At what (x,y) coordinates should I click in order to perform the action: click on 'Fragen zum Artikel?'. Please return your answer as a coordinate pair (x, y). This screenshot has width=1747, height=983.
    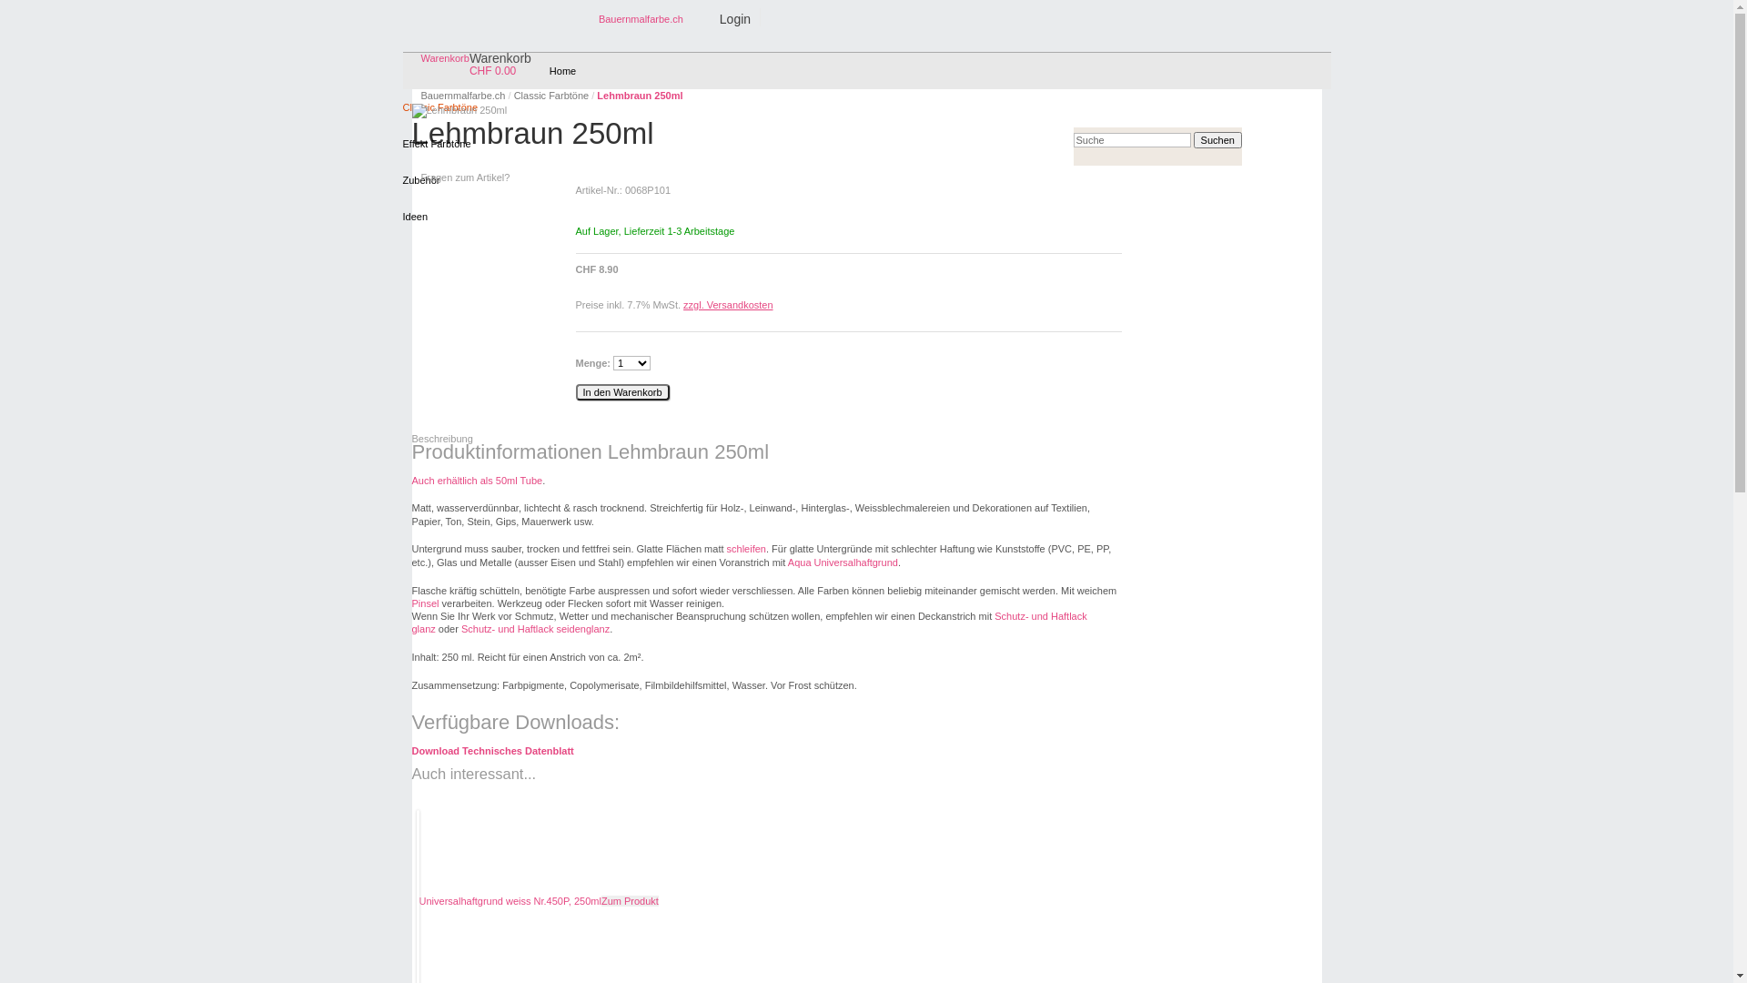
    Looking at the image, I should click on (464, 177).